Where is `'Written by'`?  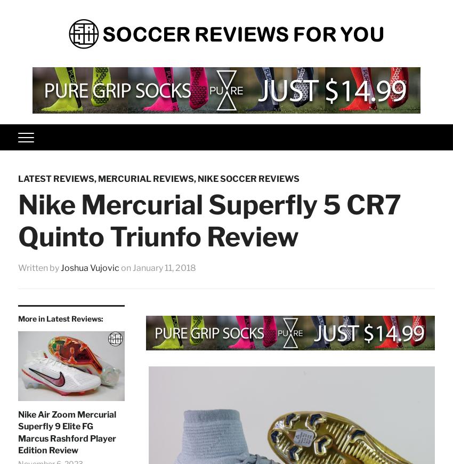 'Written by' is located at coordinates (39, 267).